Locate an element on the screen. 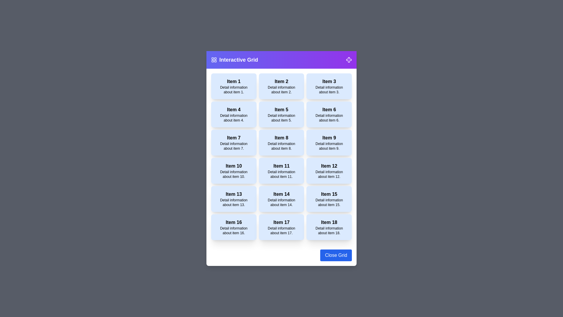 Image resolution: width=563 pixels, height=317 pixels. the 'Close Grid' button located in the footer section of the dialog is located at coordinates (336, 255).